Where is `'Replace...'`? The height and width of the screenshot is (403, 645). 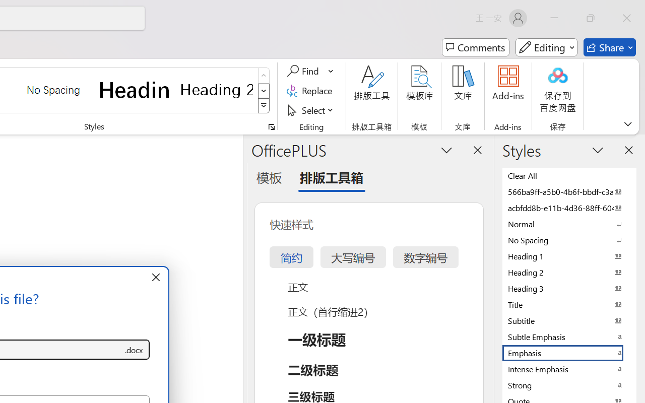
'Replace...' is located at coordinates (310, 90).